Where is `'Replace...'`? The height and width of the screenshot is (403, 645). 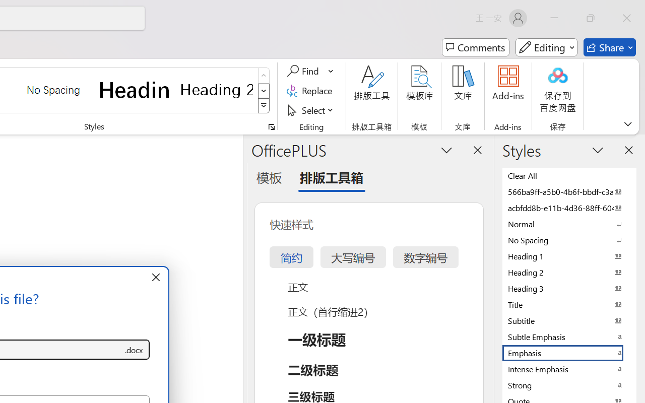
'Replace...' is located at coordinates (310, 90).